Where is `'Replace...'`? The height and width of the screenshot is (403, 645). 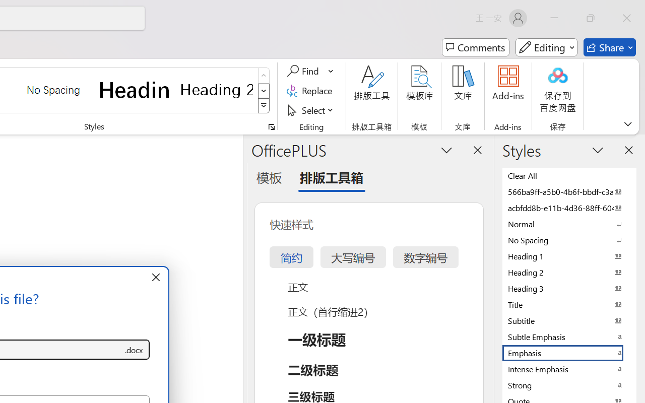
'Replace...' is located at coordinates (310, 90).